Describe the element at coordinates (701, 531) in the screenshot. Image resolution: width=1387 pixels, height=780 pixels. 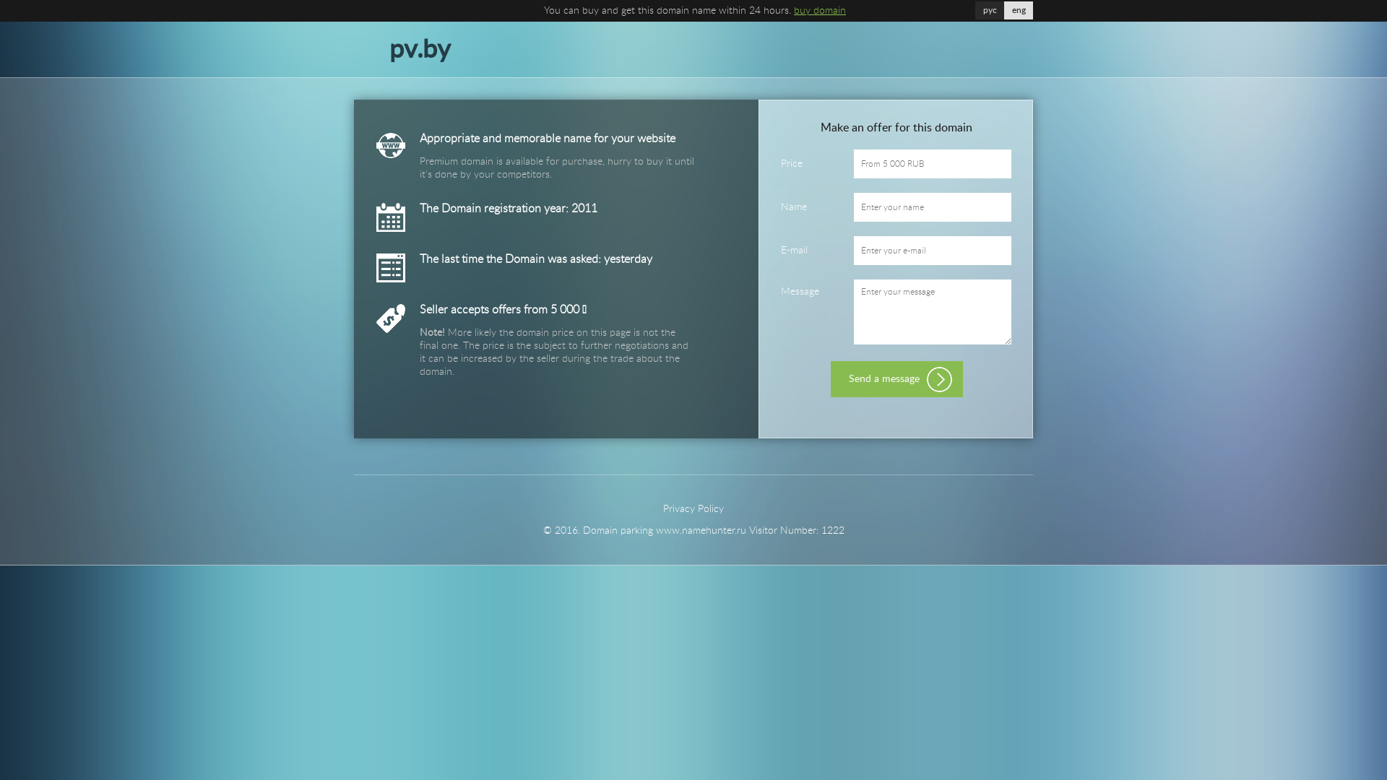
I see `'www.namehunter.ru'` at that location.